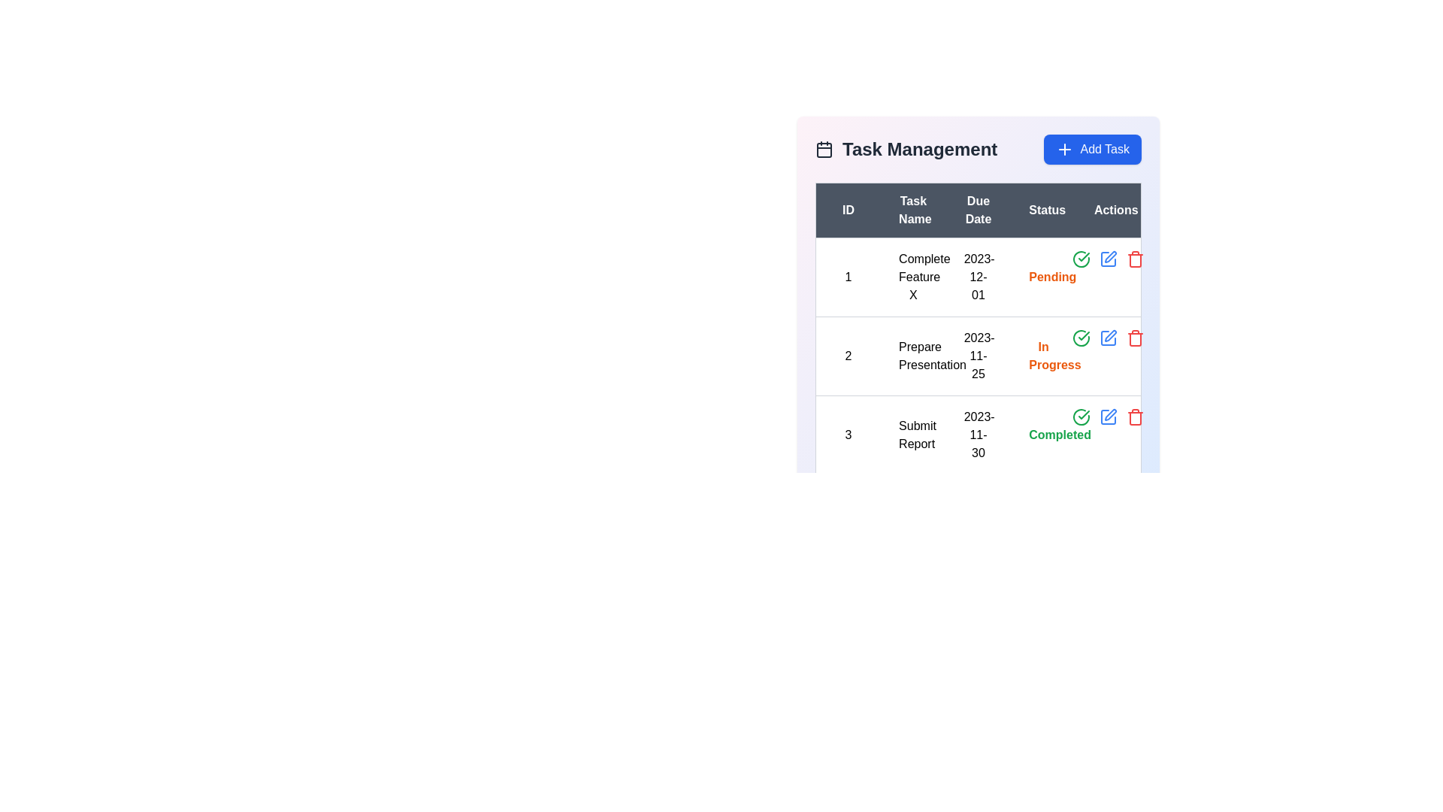 This screenshot has width=1443, height=812. What do you see at coordinates (1108, 338) in the screenshot?
I see `the icon button in the 'Actions' column of the second row for the task 'Prepare Presentation' to initiate the edit action` at bounding box center [1108, 338].